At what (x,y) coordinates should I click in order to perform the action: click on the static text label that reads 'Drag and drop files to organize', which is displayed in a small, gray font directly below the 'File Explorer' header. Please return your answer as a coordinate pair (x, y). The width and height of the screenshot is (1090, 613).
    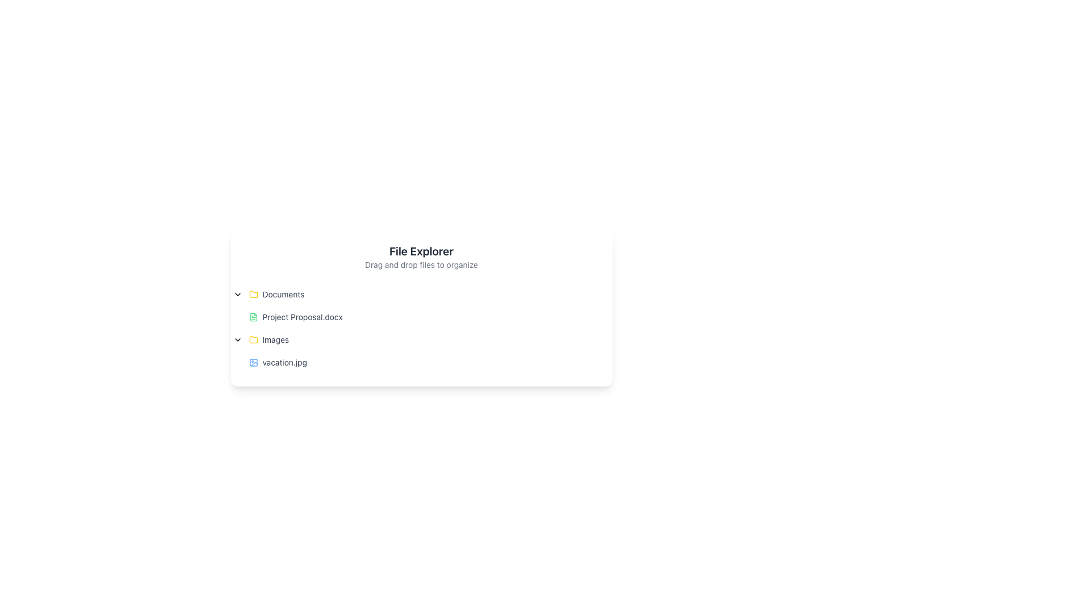
    Looking at the image, I should click on (421, 264).